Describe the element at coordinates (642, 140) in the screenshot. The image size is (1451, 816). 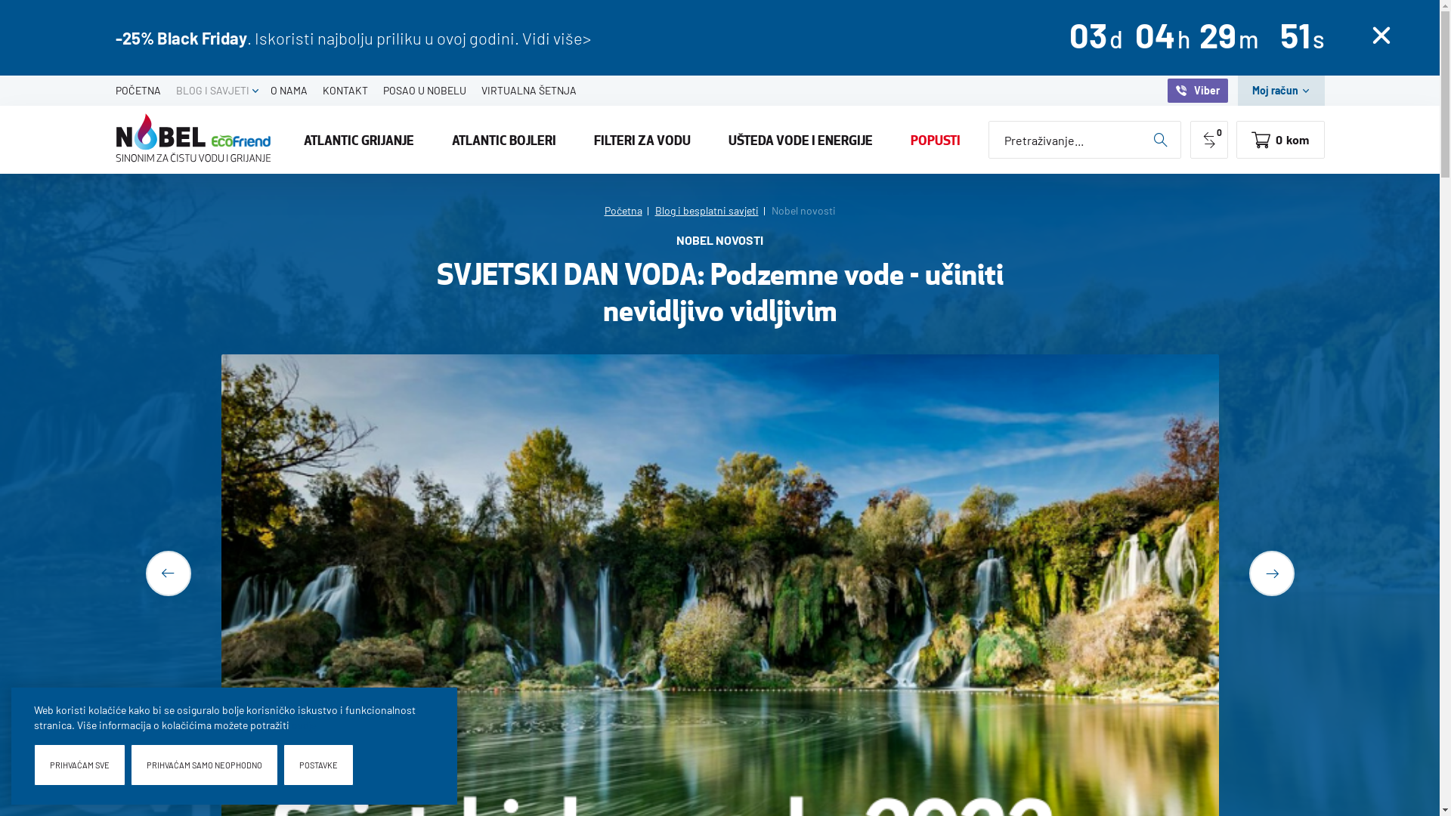
I see `'FILTERI ZA VODU'` at that location.